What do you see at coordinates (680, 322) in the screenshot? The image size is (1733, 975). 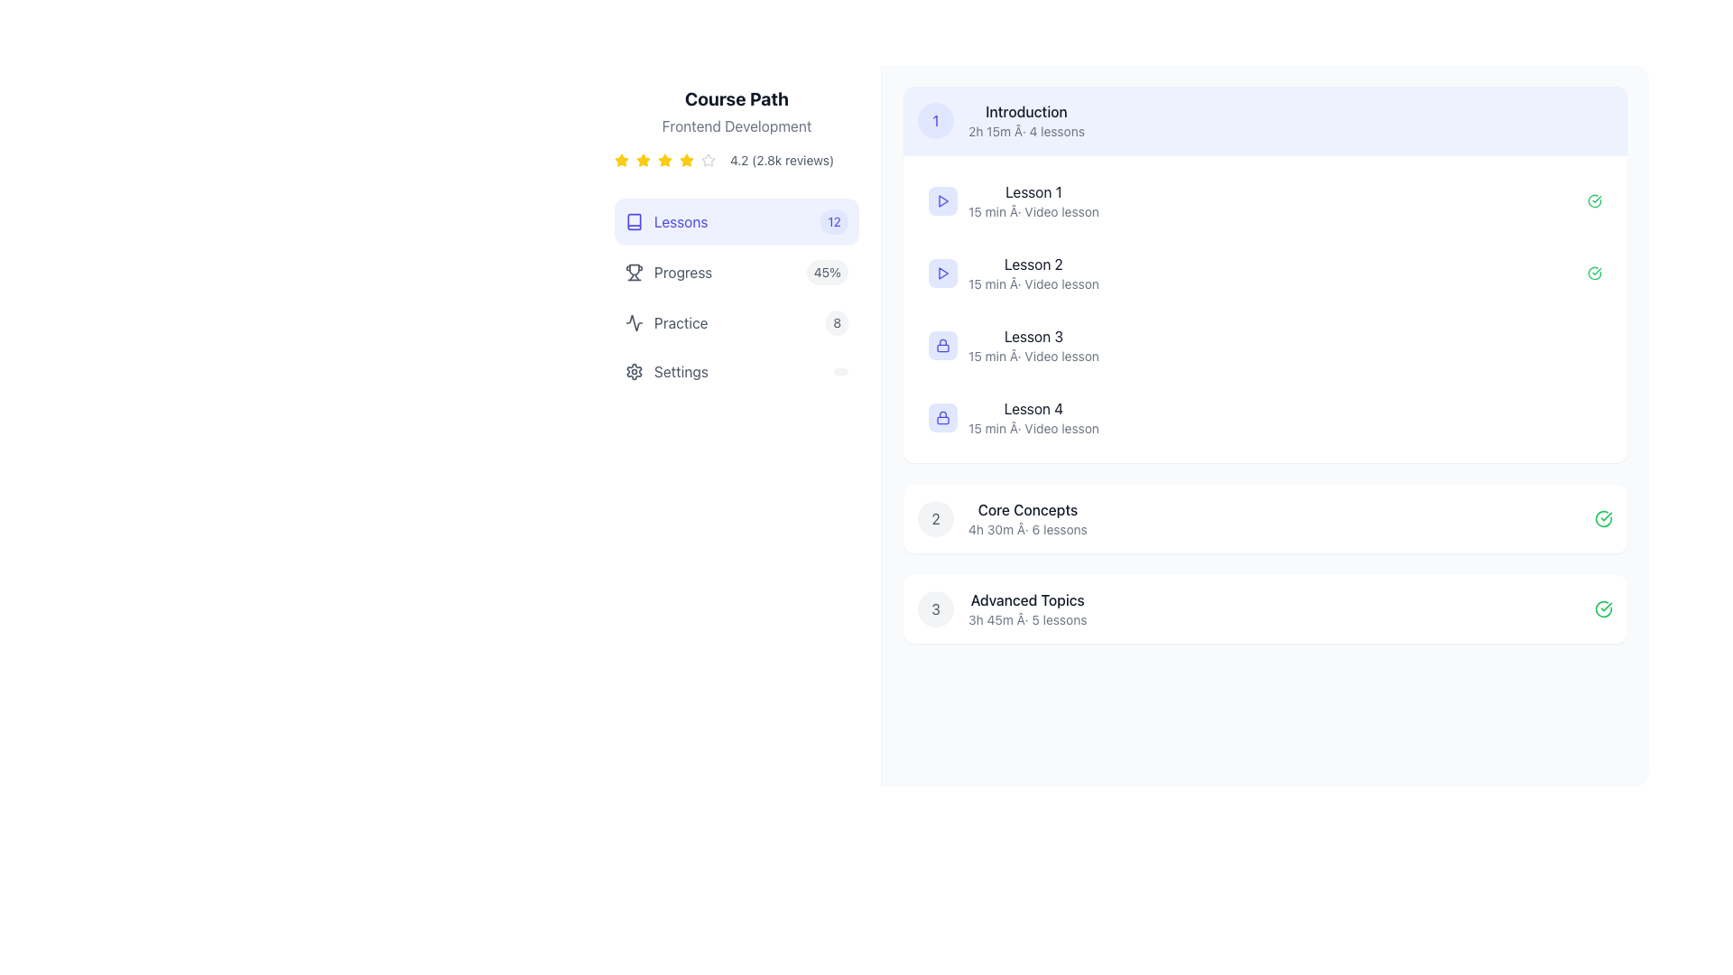 I see `the 'Practice' text label in the menu navigation` at bounding box center [680, 322].